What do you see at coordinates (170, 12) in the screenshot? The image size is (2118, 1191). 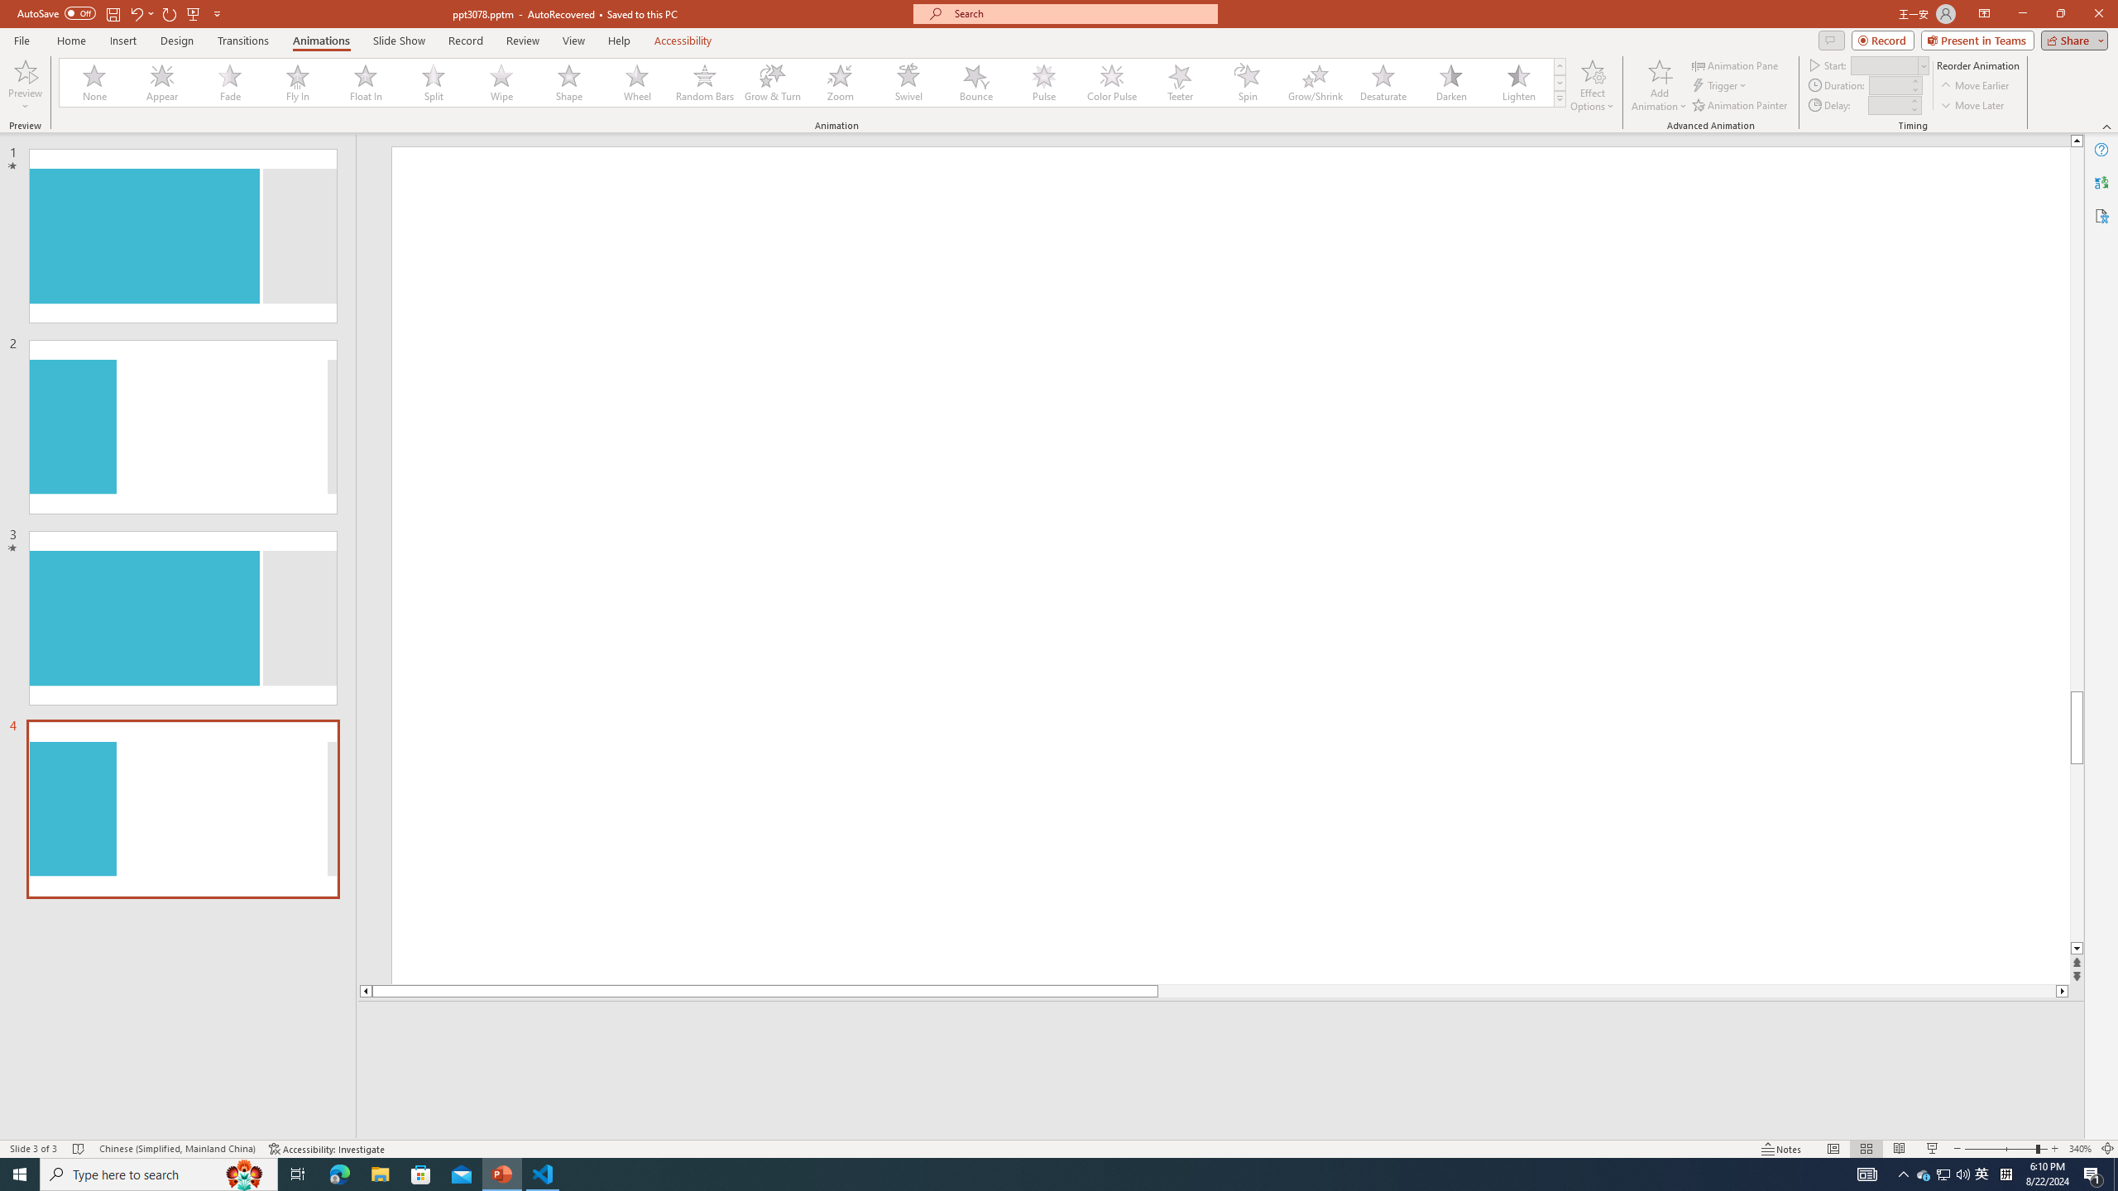 I see `'Redo'` at bounding box center [170, 12].